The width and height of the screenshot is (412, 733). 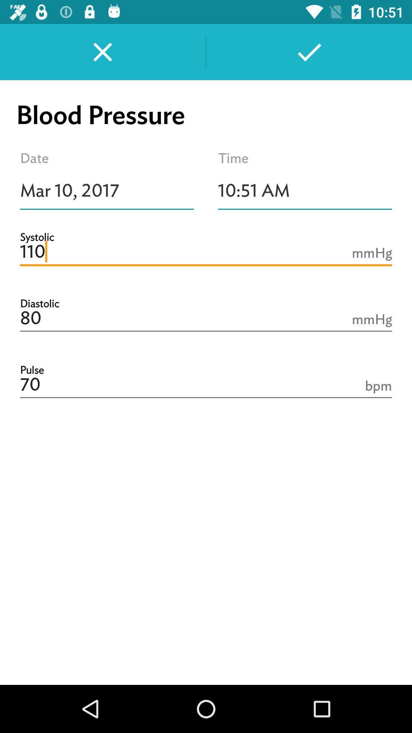 What do you see at coordinates (107, 191) in the screenshot?
I see `icon to the left of the 10:51 am icon` at bounding box center [107, 191].